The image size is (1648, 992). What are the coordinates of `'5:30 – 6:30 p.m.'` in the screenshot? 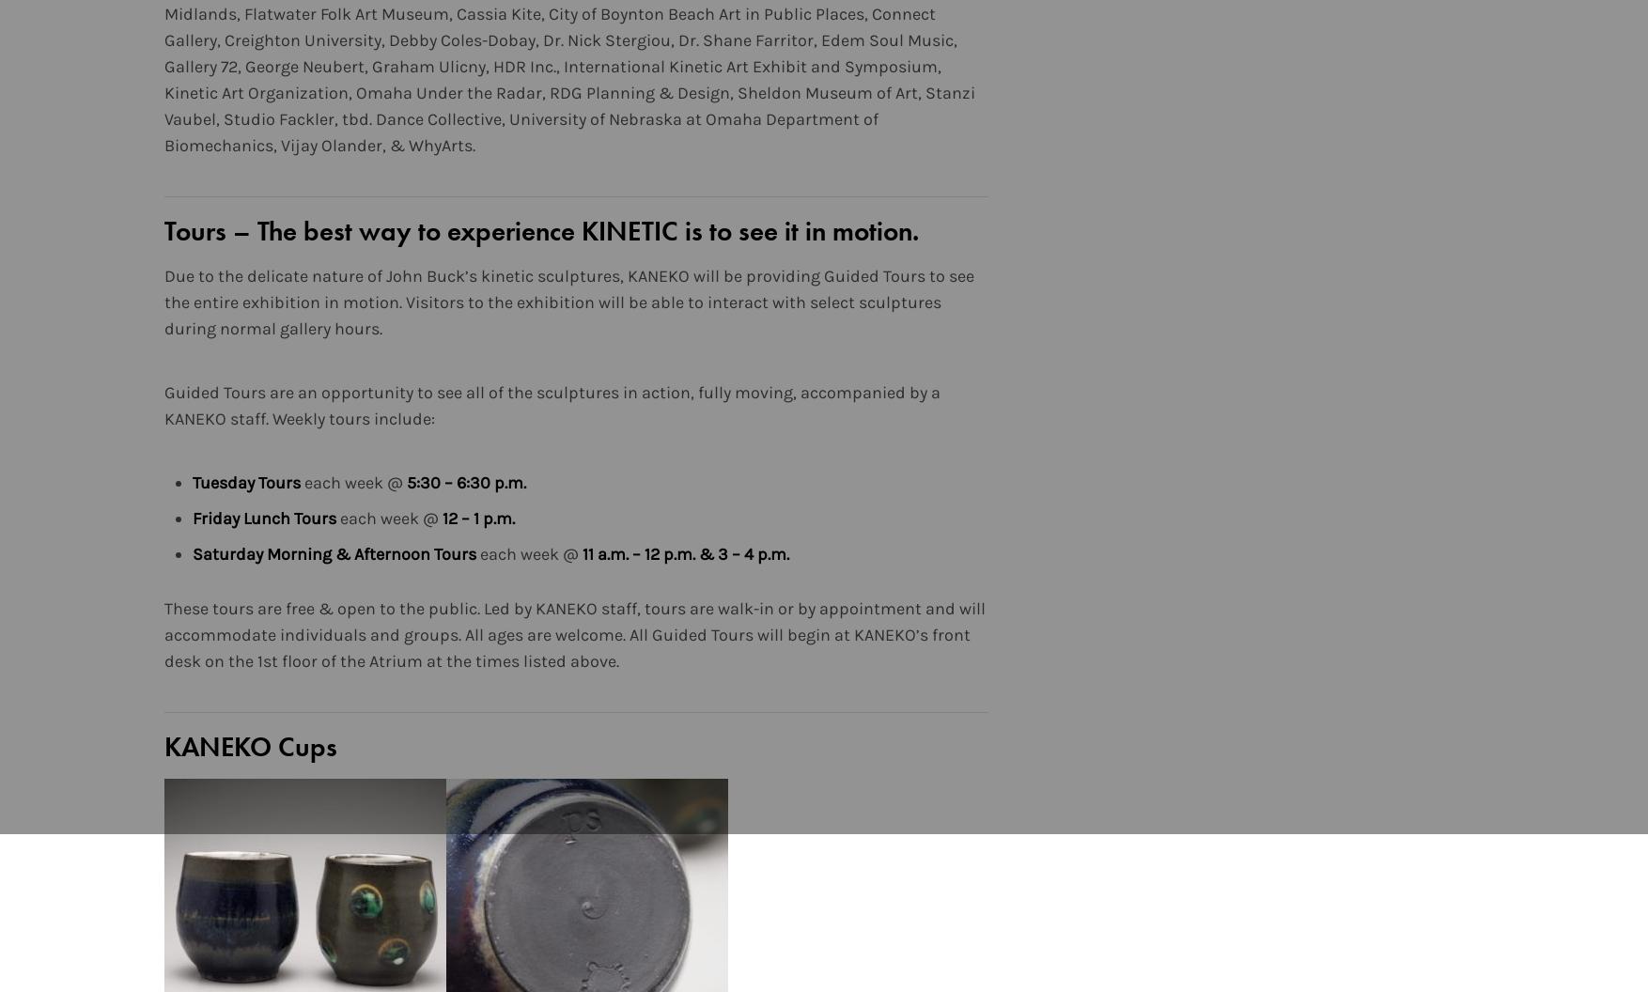 It's located at (465, 481).